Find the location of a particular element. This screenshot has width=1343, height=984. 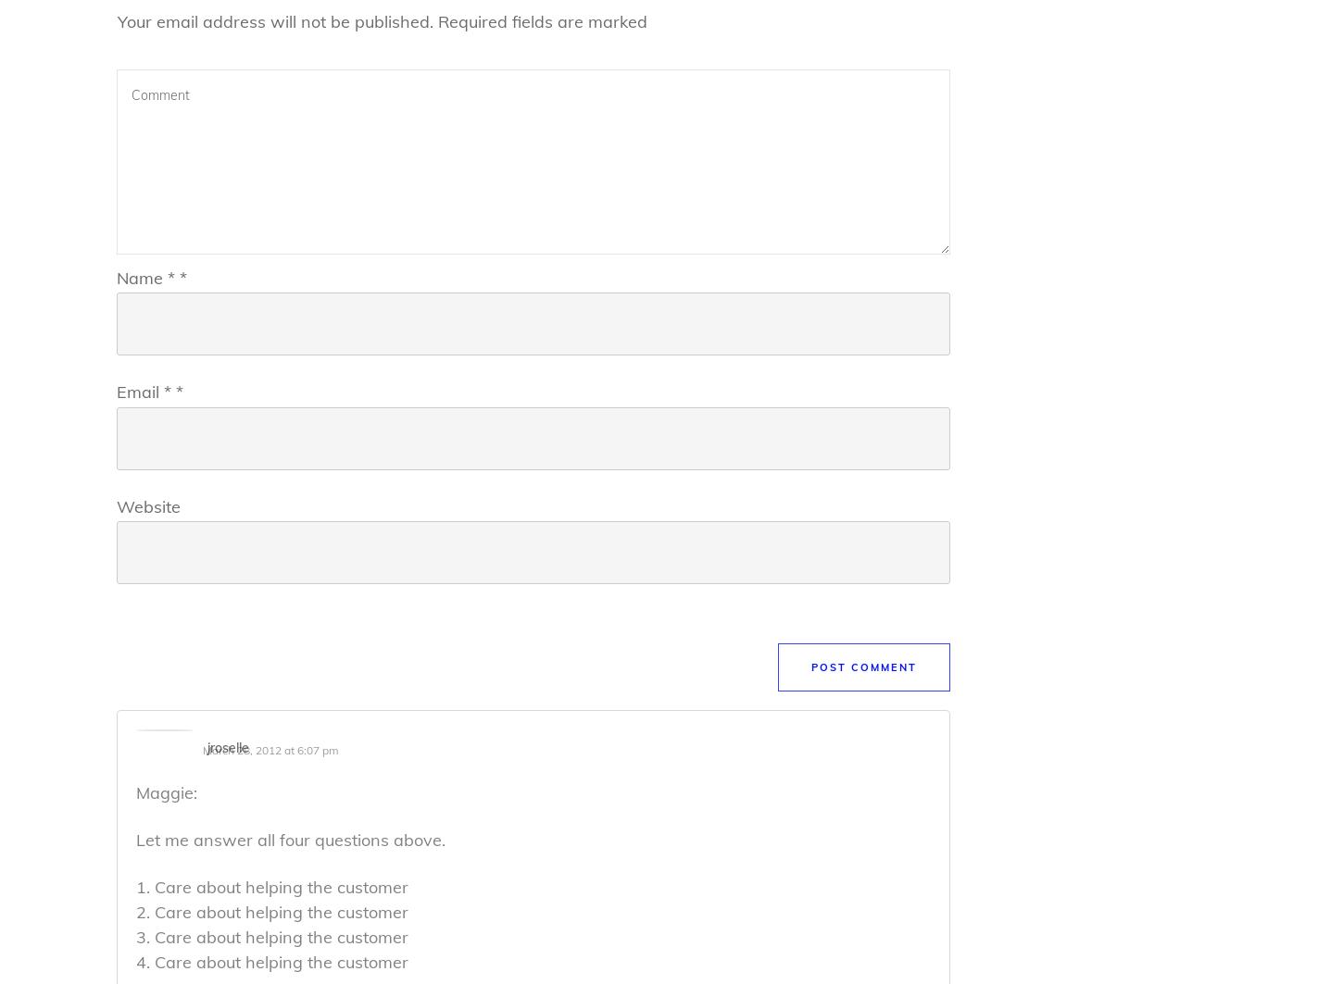

'Post Comment' is located at coordinates (862, 666).